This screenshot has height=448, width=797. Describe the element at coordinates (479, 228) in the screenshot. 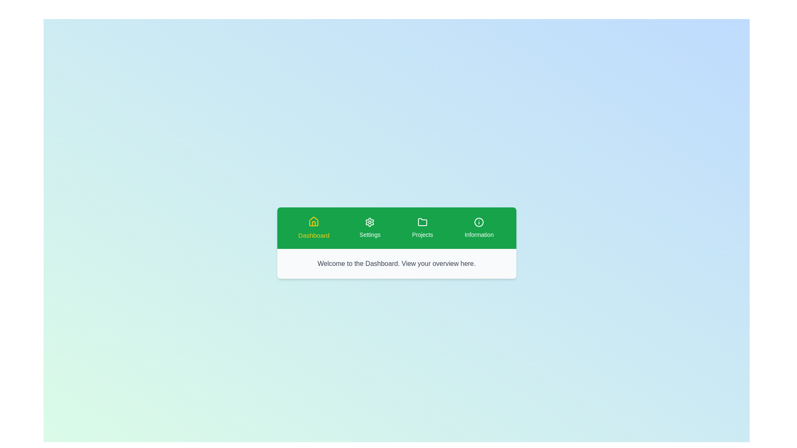

I see `the Information tab to observe its hover effect` at that location.